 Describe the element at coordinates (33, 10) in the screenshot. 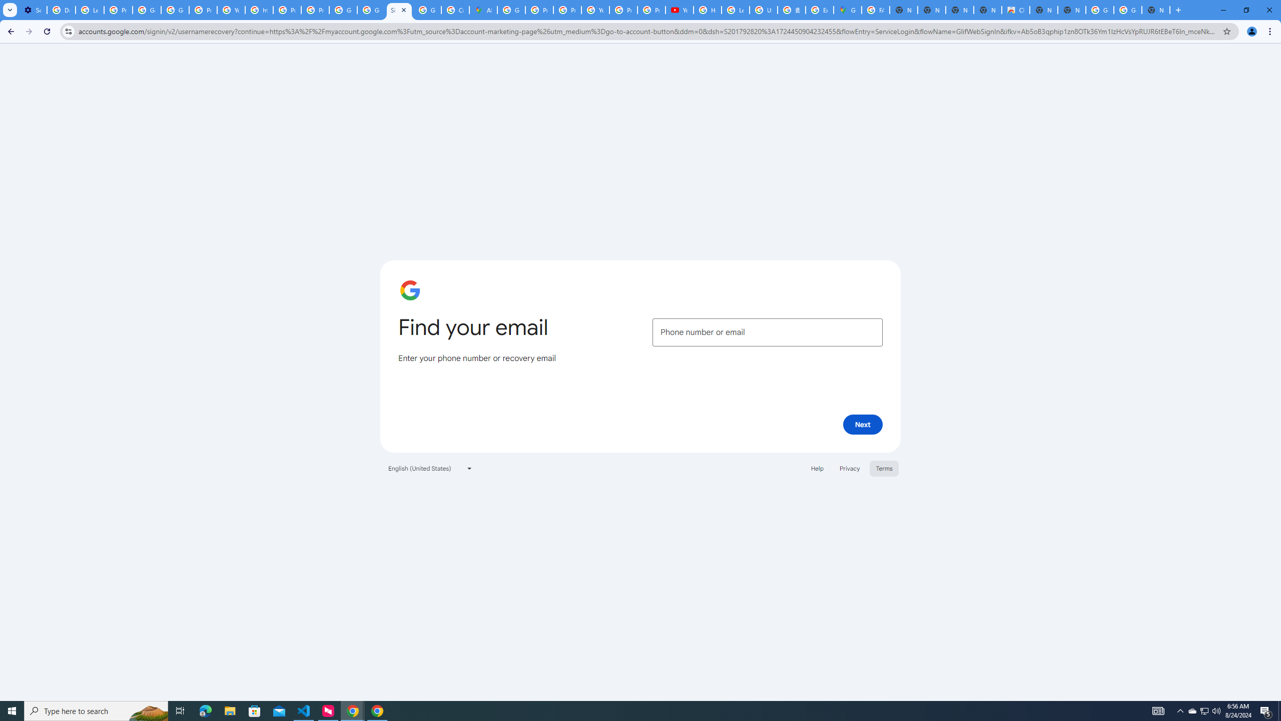

I see `'Settings - On startup'` at that location.